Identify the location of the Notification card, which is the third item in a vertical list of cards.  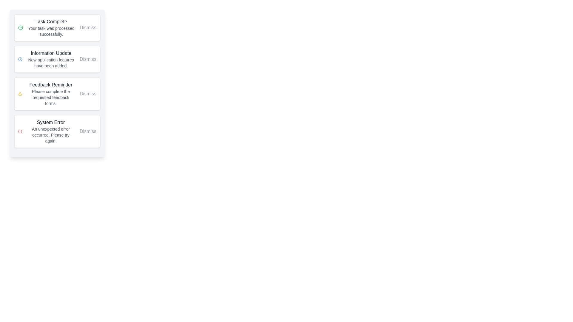
(57, 83).